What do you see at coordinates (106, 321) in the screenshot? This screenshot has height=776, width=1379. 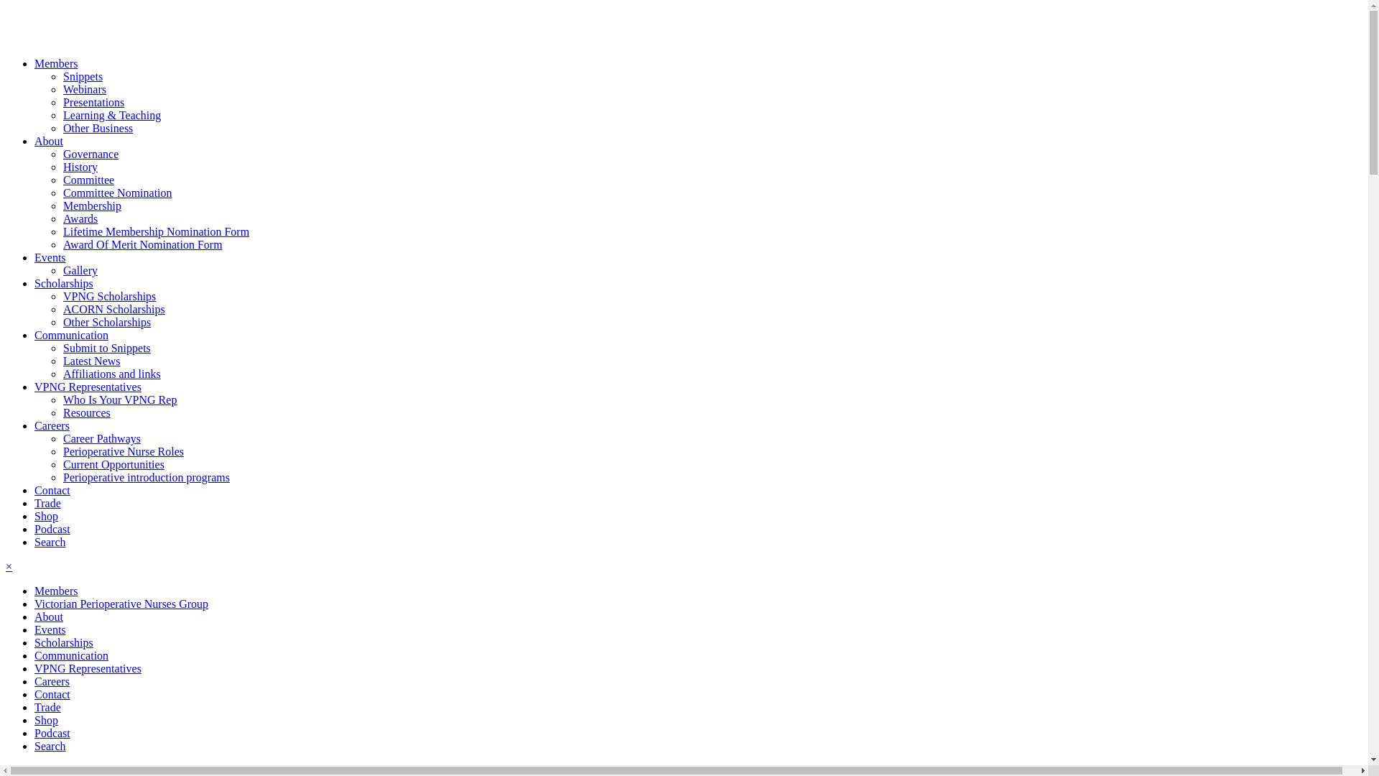 I see `'Other Scholarships'` at bounding box center [106, 321].